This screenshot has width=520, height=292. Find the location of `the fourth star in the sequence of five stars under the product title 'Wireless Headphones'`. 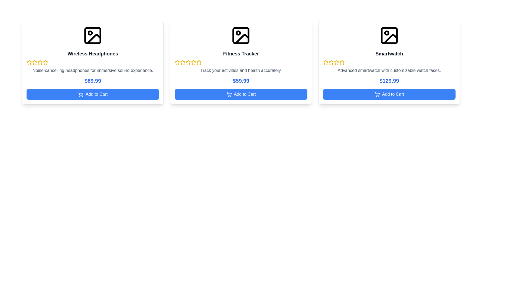

the fourth star in the sequence of five stars under the product title 'Wireless Headphones' is located at coordinates (40, 62).